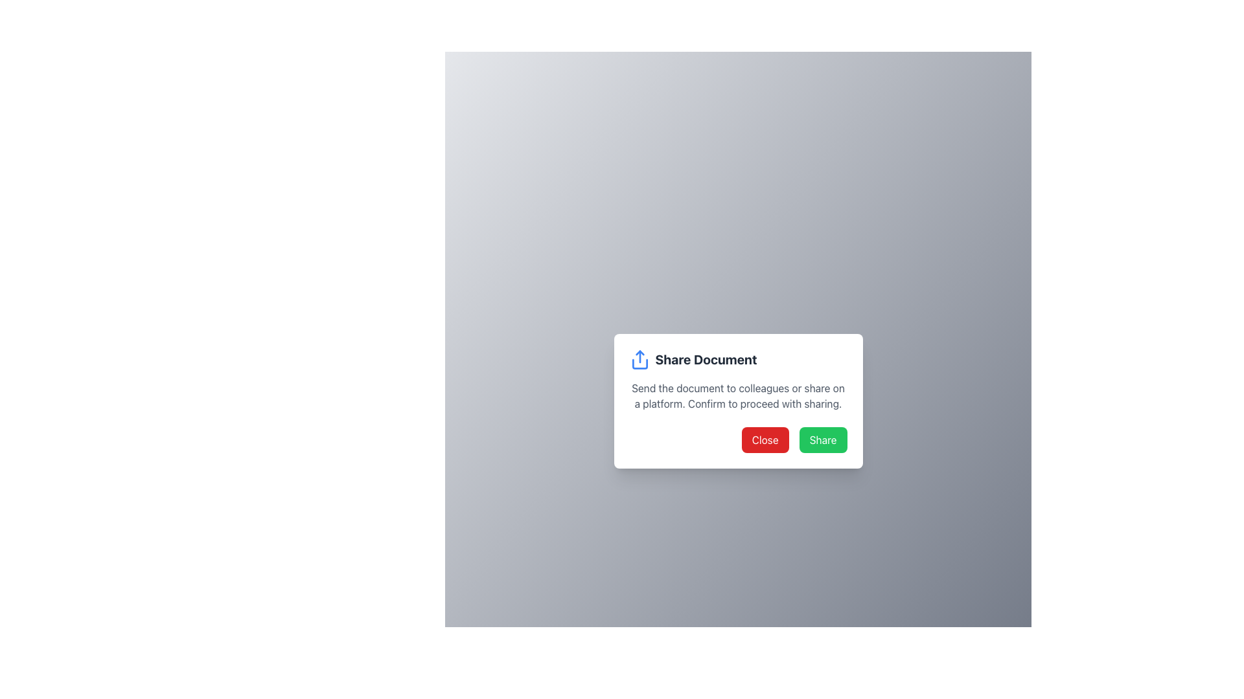 The height and width of the screenshot is (699, 1244). Describe the element at coordinates (705, 359) in the screenshot. I see `title text located at the center of the dialog box which provides context for sharing a document` at that location.